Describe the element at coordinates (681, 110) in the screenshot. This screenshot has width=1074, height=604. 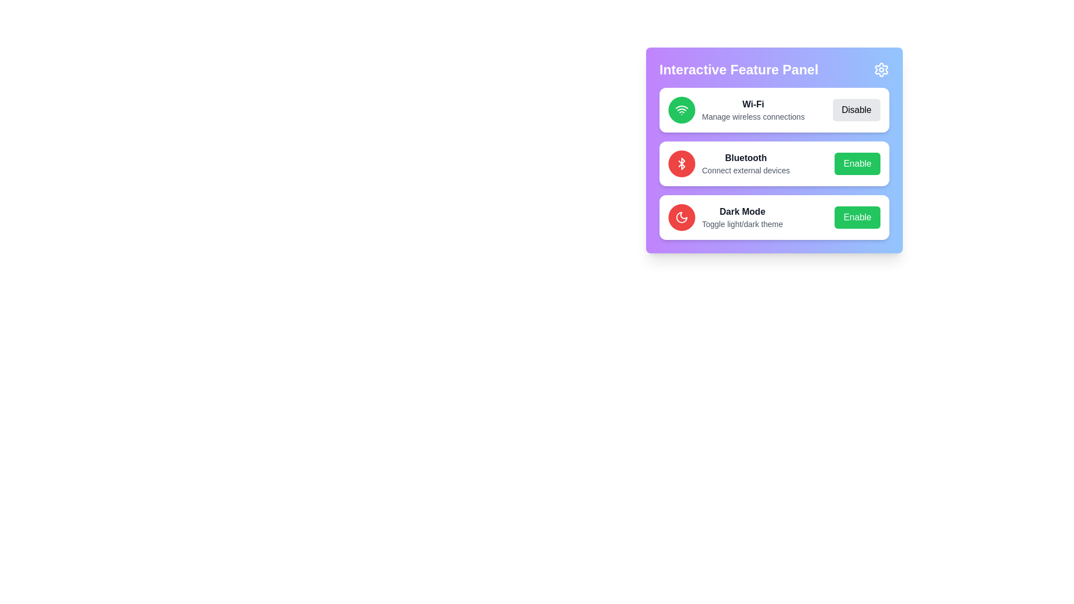
I see `the feature's icon to examine its description` at that location.